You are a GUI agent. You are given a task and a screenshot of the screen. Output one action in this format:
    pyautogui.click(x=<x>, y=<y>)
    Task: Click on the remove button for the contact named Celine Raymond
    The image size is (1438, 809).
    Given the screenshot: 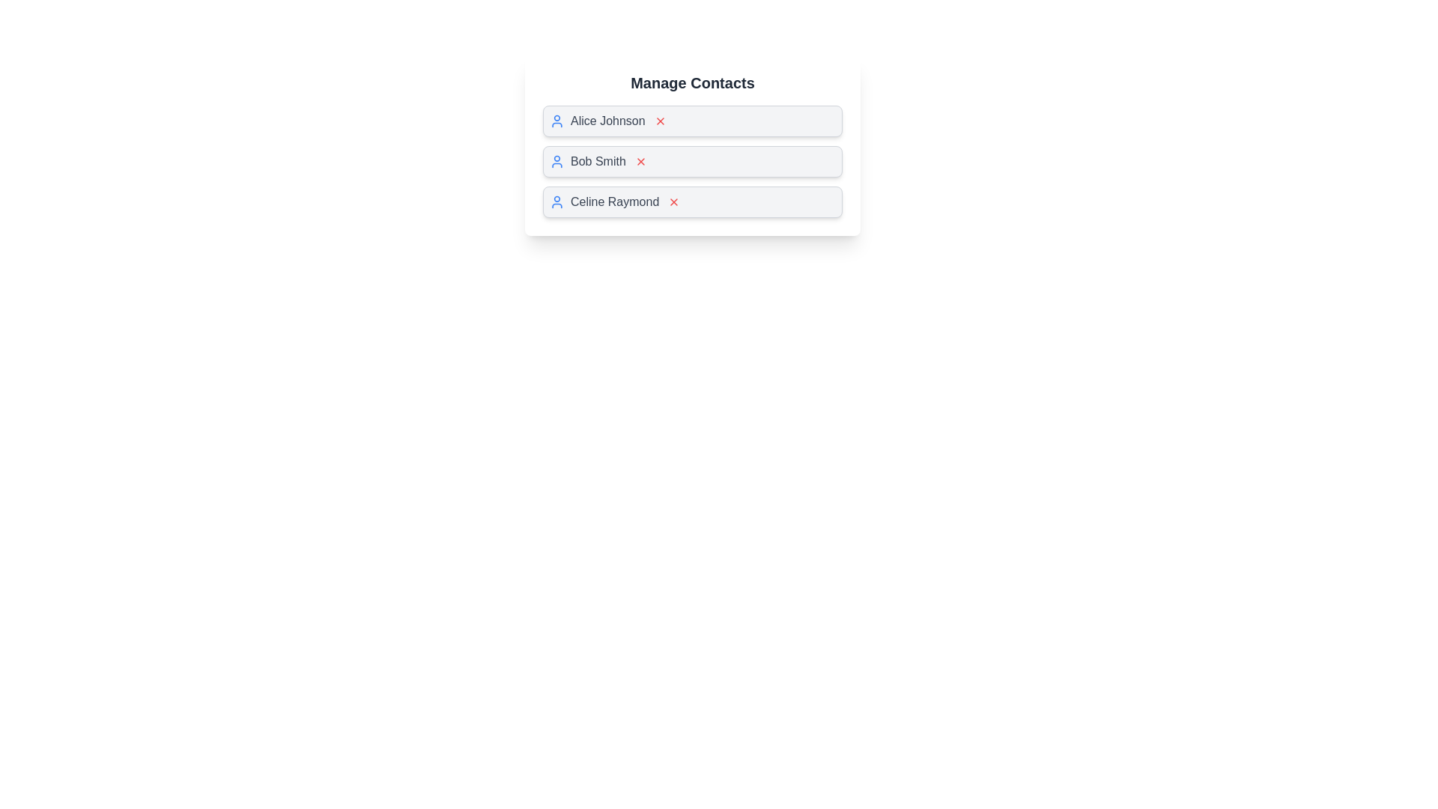 What is the action you would take?
    pyautogui.click(x=673, y=202)
    